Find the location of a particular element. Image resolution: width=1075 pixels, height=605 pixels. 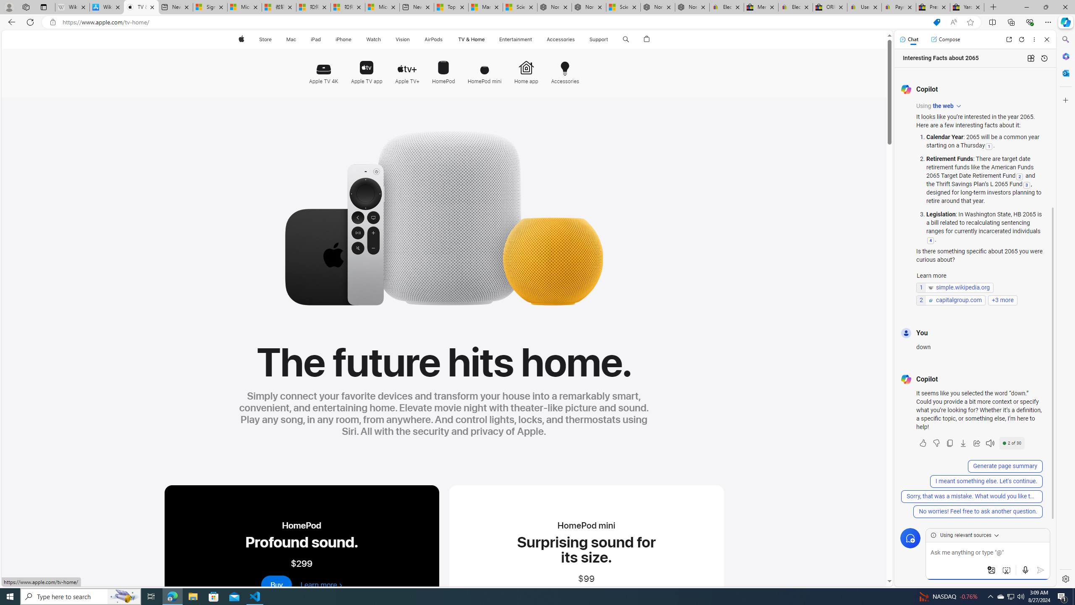

'Mac menu' is located at coordinates (296, 39).